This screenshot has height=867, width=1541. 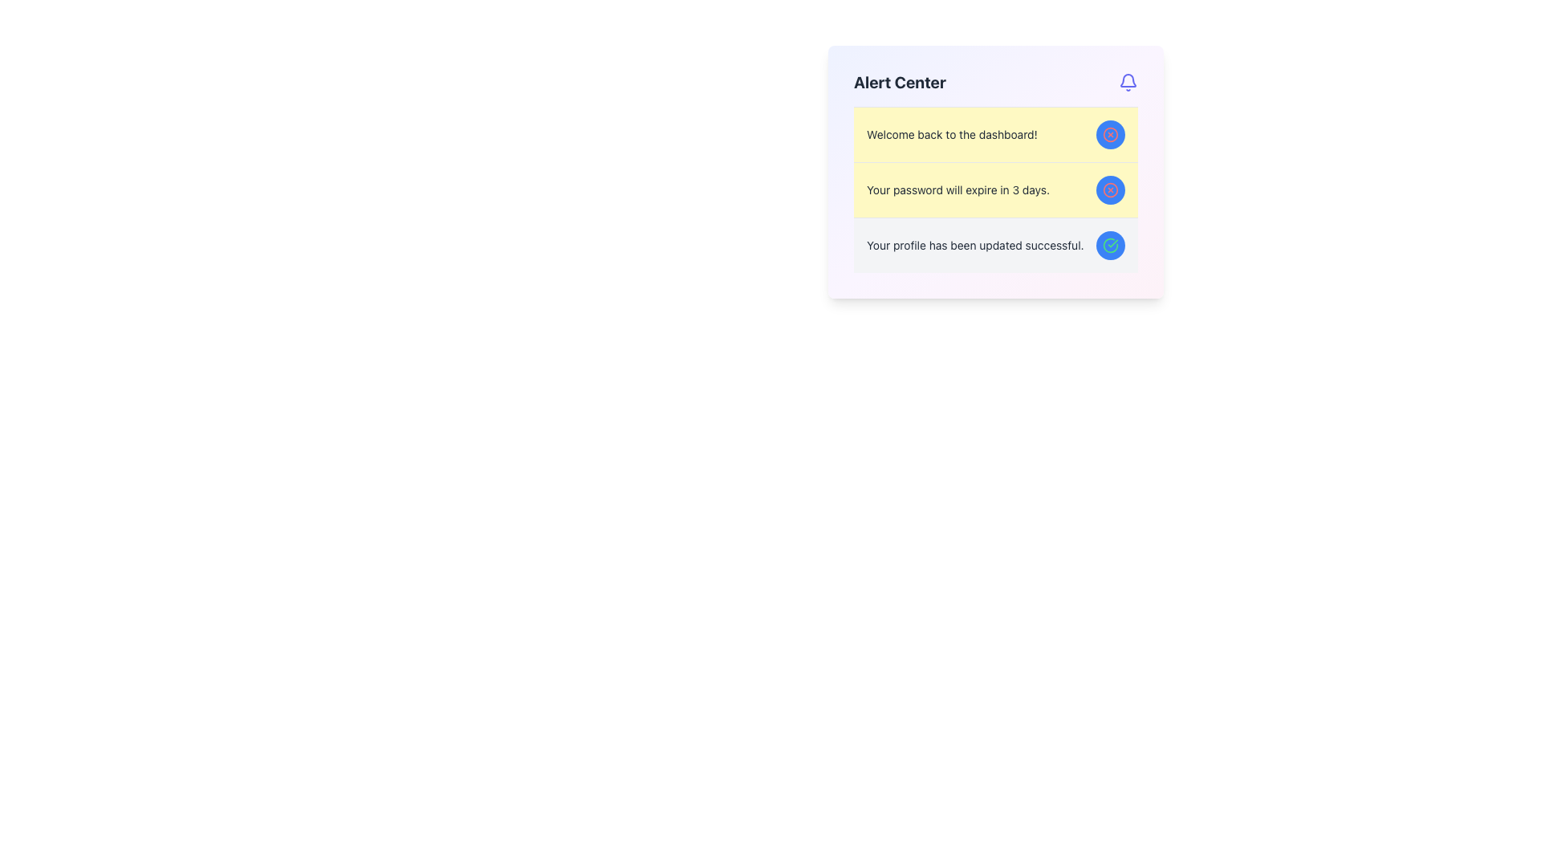 I want to click on the small red circular icon with a cross symbol inside the blue circular button located adjacent to the alert message 'Your password will expire in 3 days.', so click(x=1109, y=189).